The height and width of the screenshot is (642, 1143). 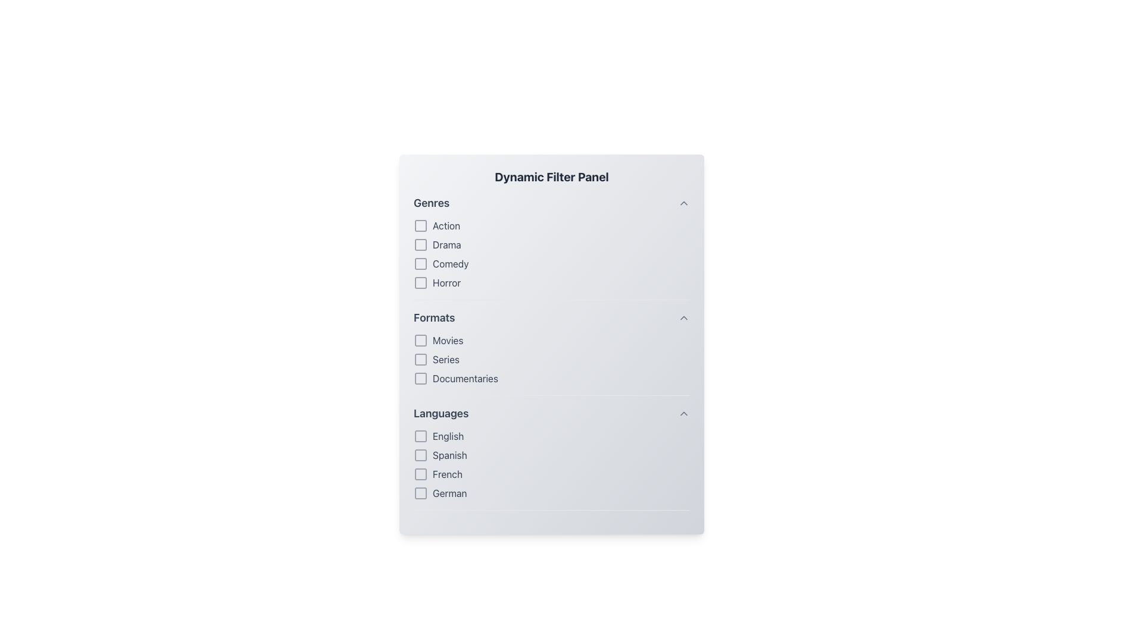 What do you see at coordinates (445, 359) in the screenshot?
I see `text label 'Series' which is styled in gray and is positioned to the right of a checkbox in the 'Formats' section of the filter panel` at bounding box center [445, 359].